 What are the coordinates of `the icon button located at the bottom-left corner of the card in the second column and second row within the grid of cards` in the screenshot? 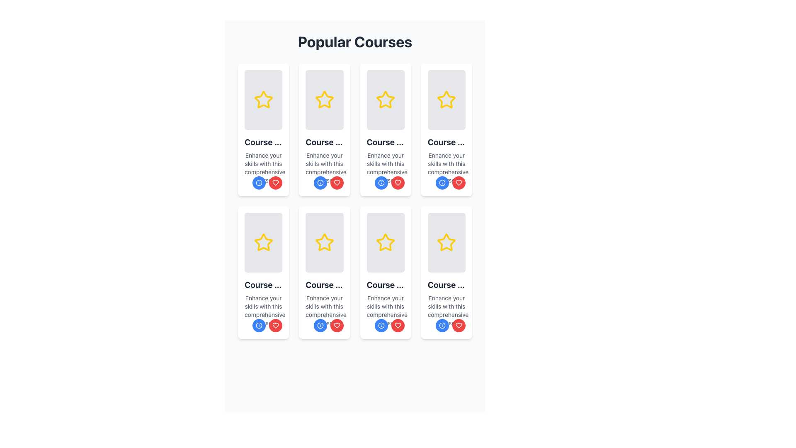 It's located at (442, 325).